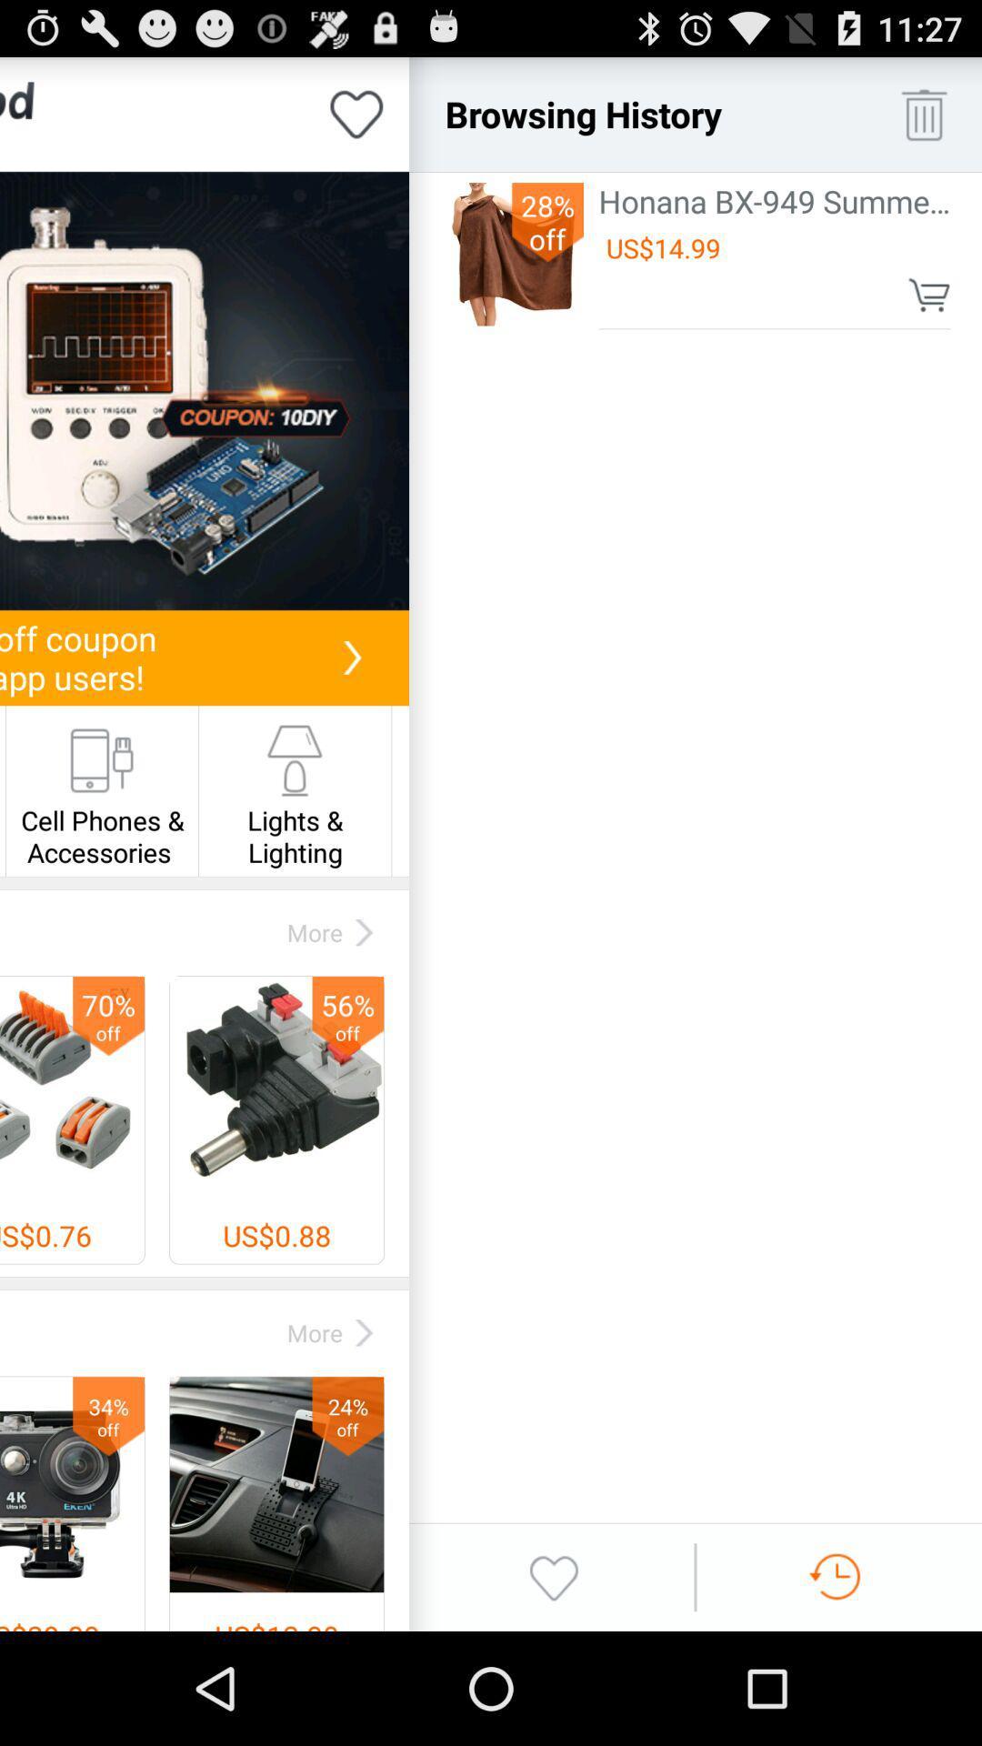 Image resolution: width=982 pixels, height=1746 pixels. I want to click on the 28%, so click(546, 221).